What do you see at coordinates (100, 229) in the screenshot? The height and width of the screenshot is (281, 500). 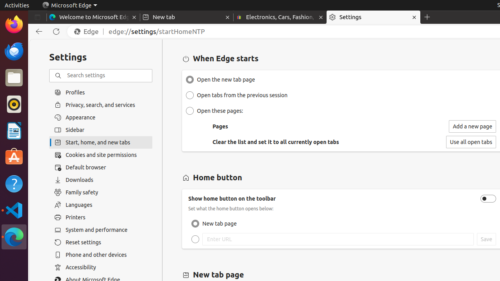 I see `'System and performance'` at bounding box center [100, 229].